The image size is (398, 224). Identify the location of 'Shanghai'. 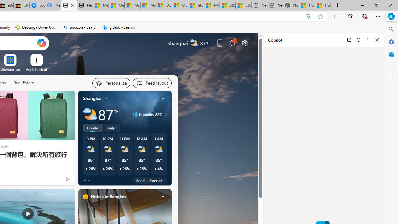
(92, 98).